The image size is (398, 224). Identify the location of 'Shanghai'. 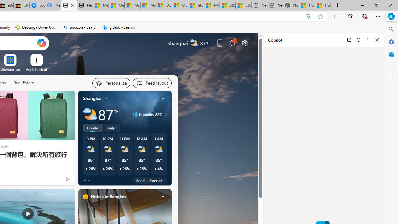
(92, 98).